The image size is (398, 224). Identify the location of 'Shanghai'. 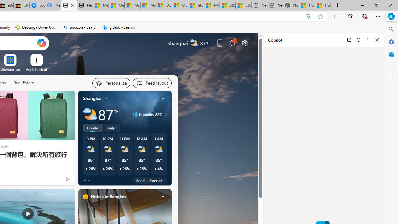
(92, 98).